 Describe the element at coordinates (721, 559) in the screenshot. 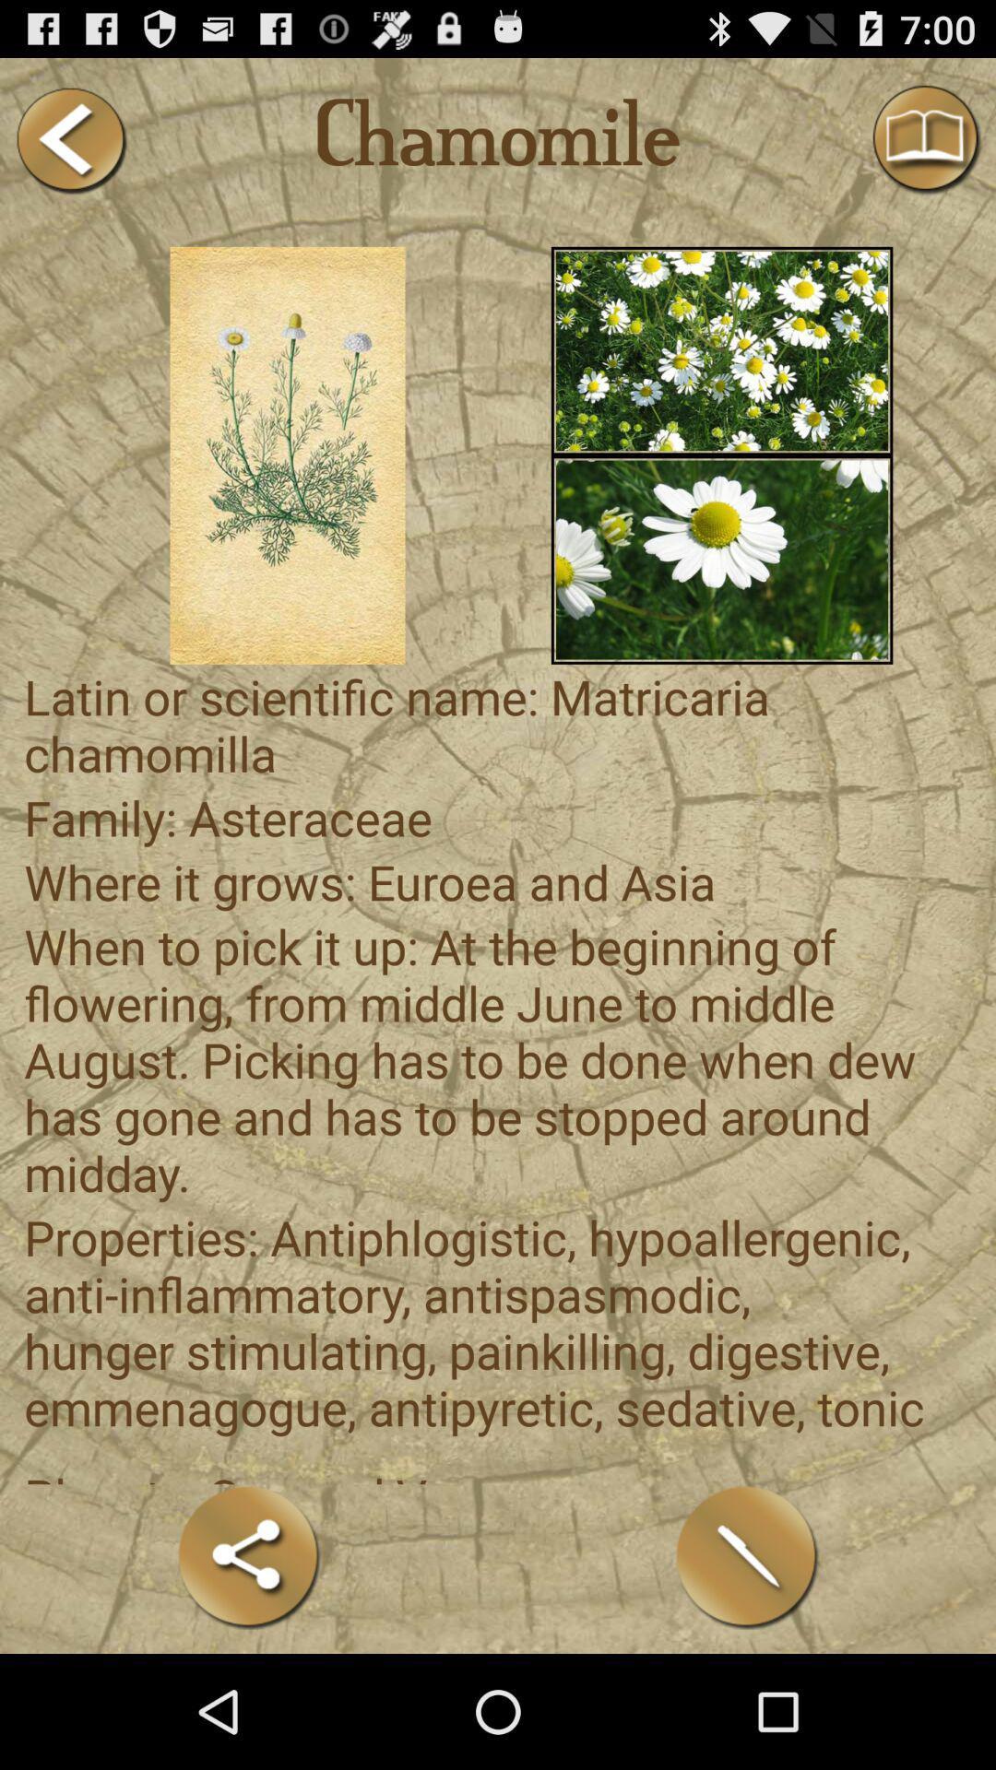

I see `photo` at that location.